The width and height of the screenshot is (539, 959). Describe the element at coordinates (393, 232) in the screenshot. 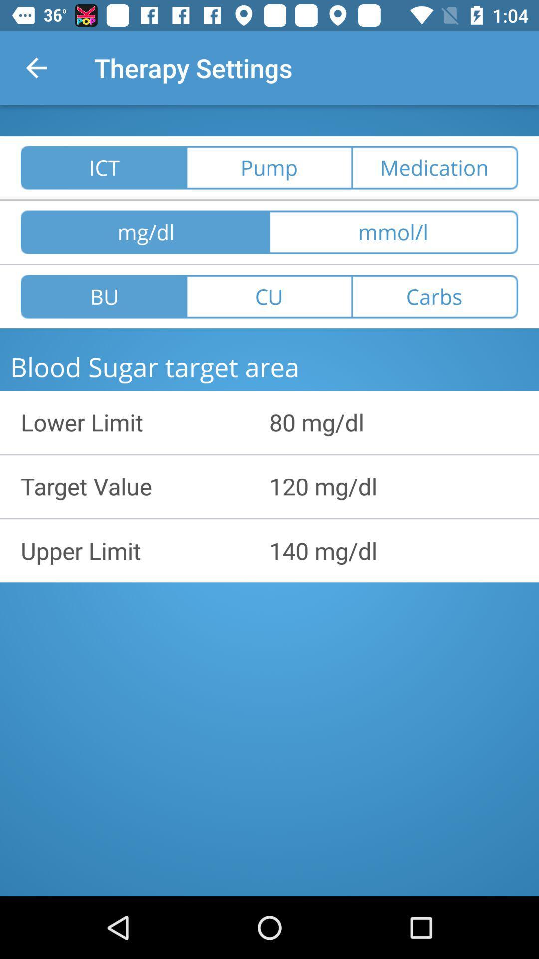

I see `mmol/l item` at that location.